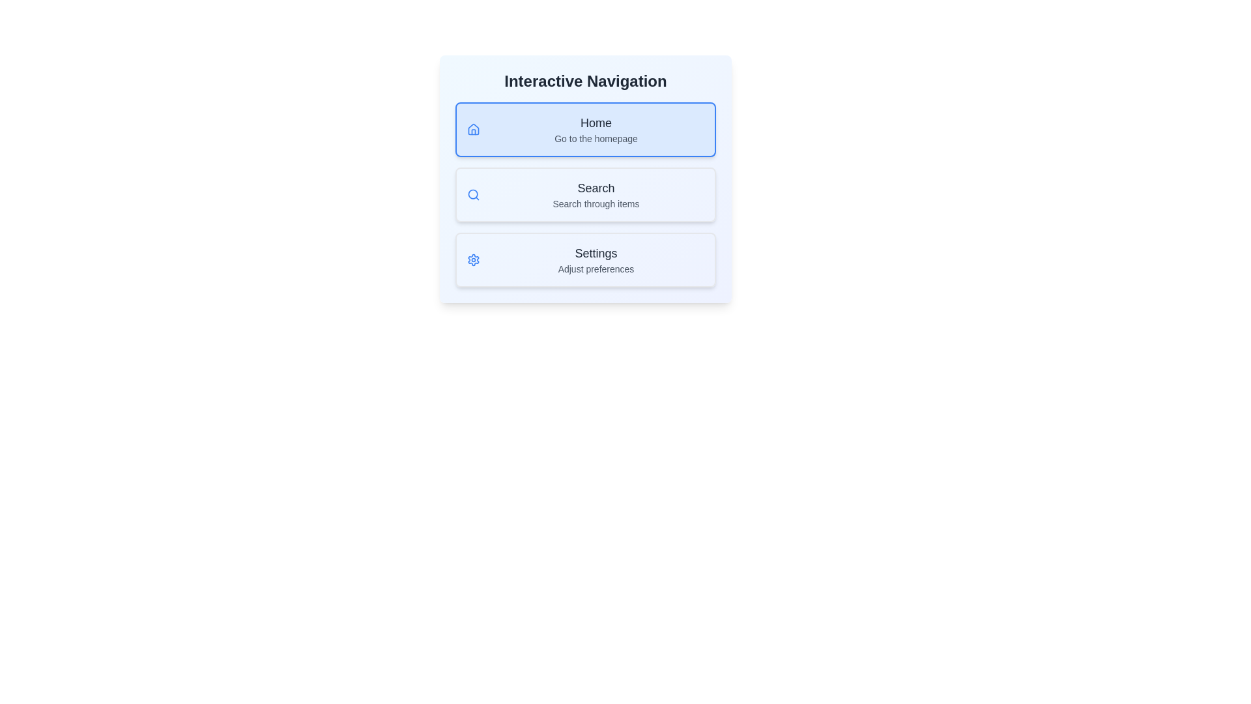 This screenshot has height=704, width=1251. Describe the element at coordinates (584, 259) in the screenshot. I see `the menu item Settings by clicking on it` at that location.